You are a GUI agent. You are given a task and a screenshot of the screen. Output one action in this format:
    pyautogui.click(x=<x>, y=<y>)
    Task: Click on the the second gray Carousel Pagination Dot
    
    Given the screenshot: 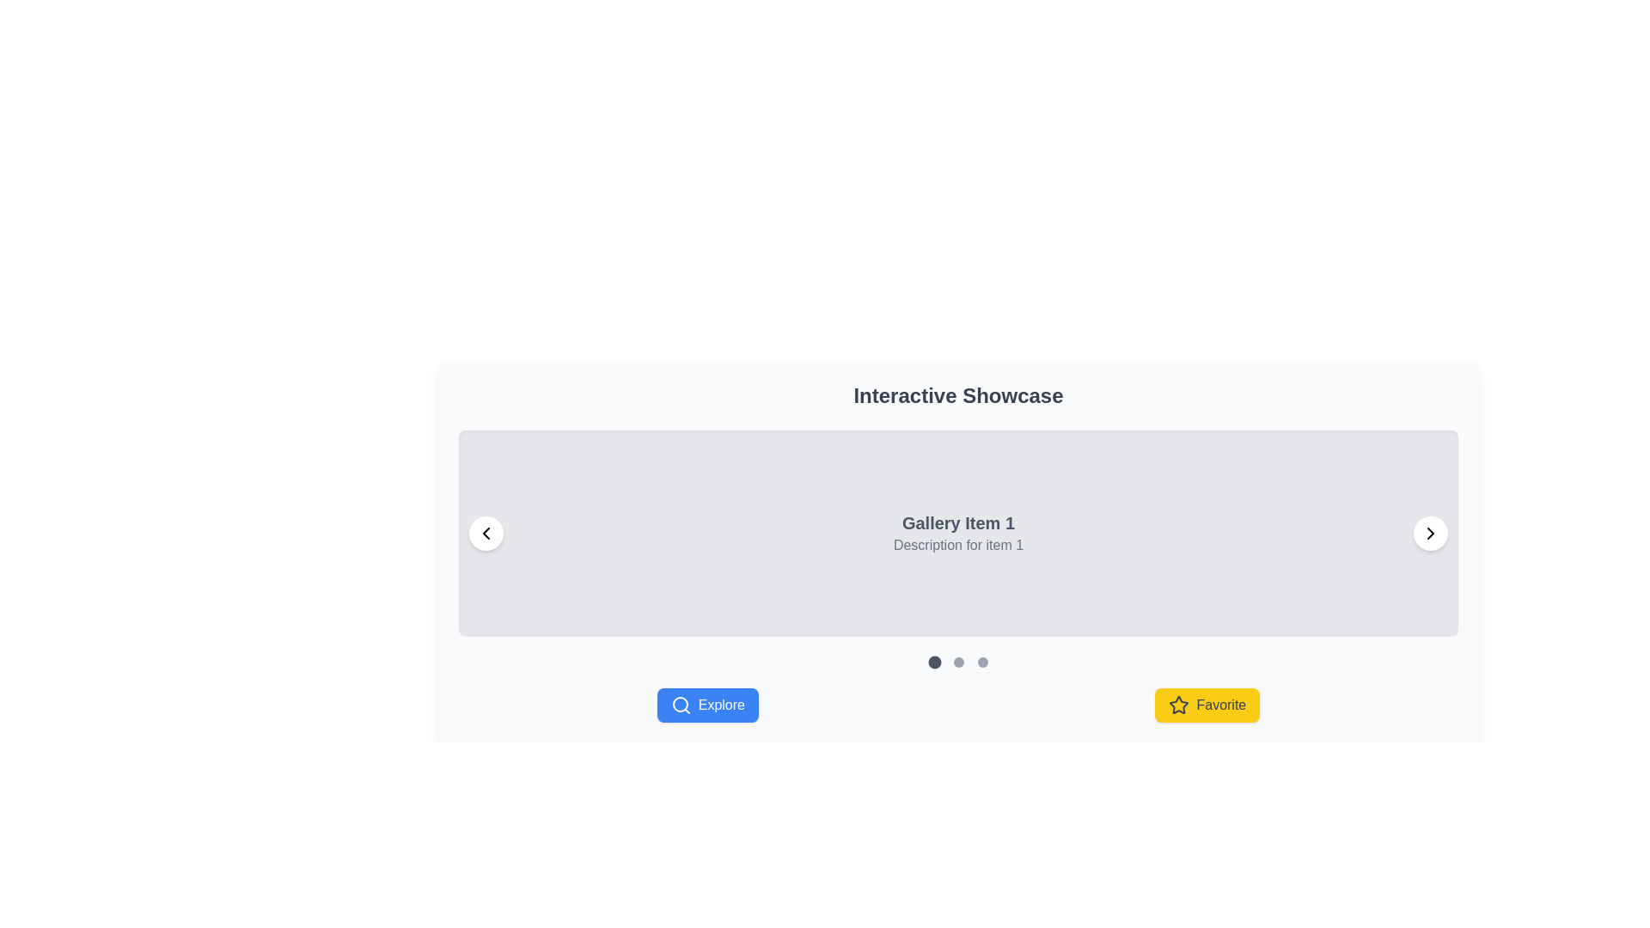 What is the action you would take?
    pyautogui.click(x=957, y=662)
    